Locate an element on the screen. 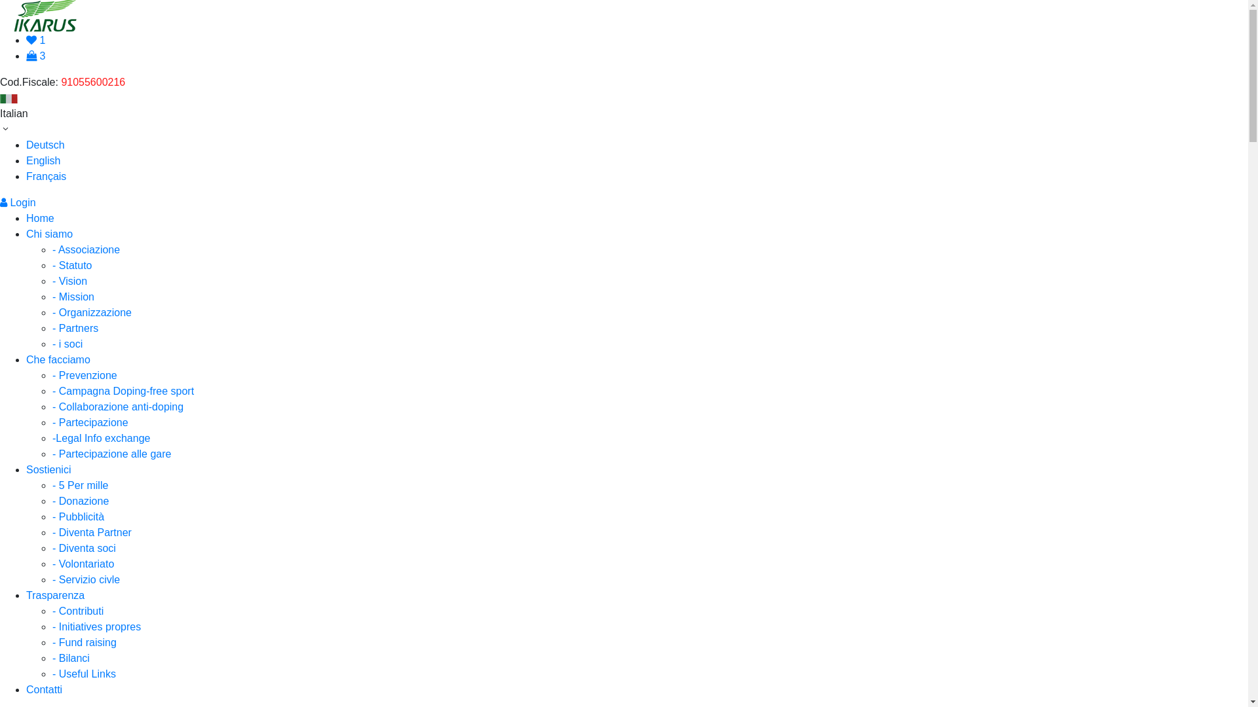 This screenshot has width=1258, height=707. '-Legal Info exchange' is located at coordinates (100, 438).